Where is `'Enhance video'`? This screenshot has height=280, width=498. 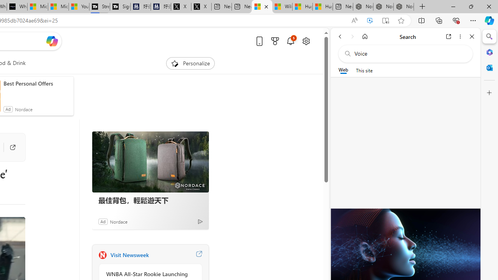
'Enhance video' is located at coordinates (370, 20).